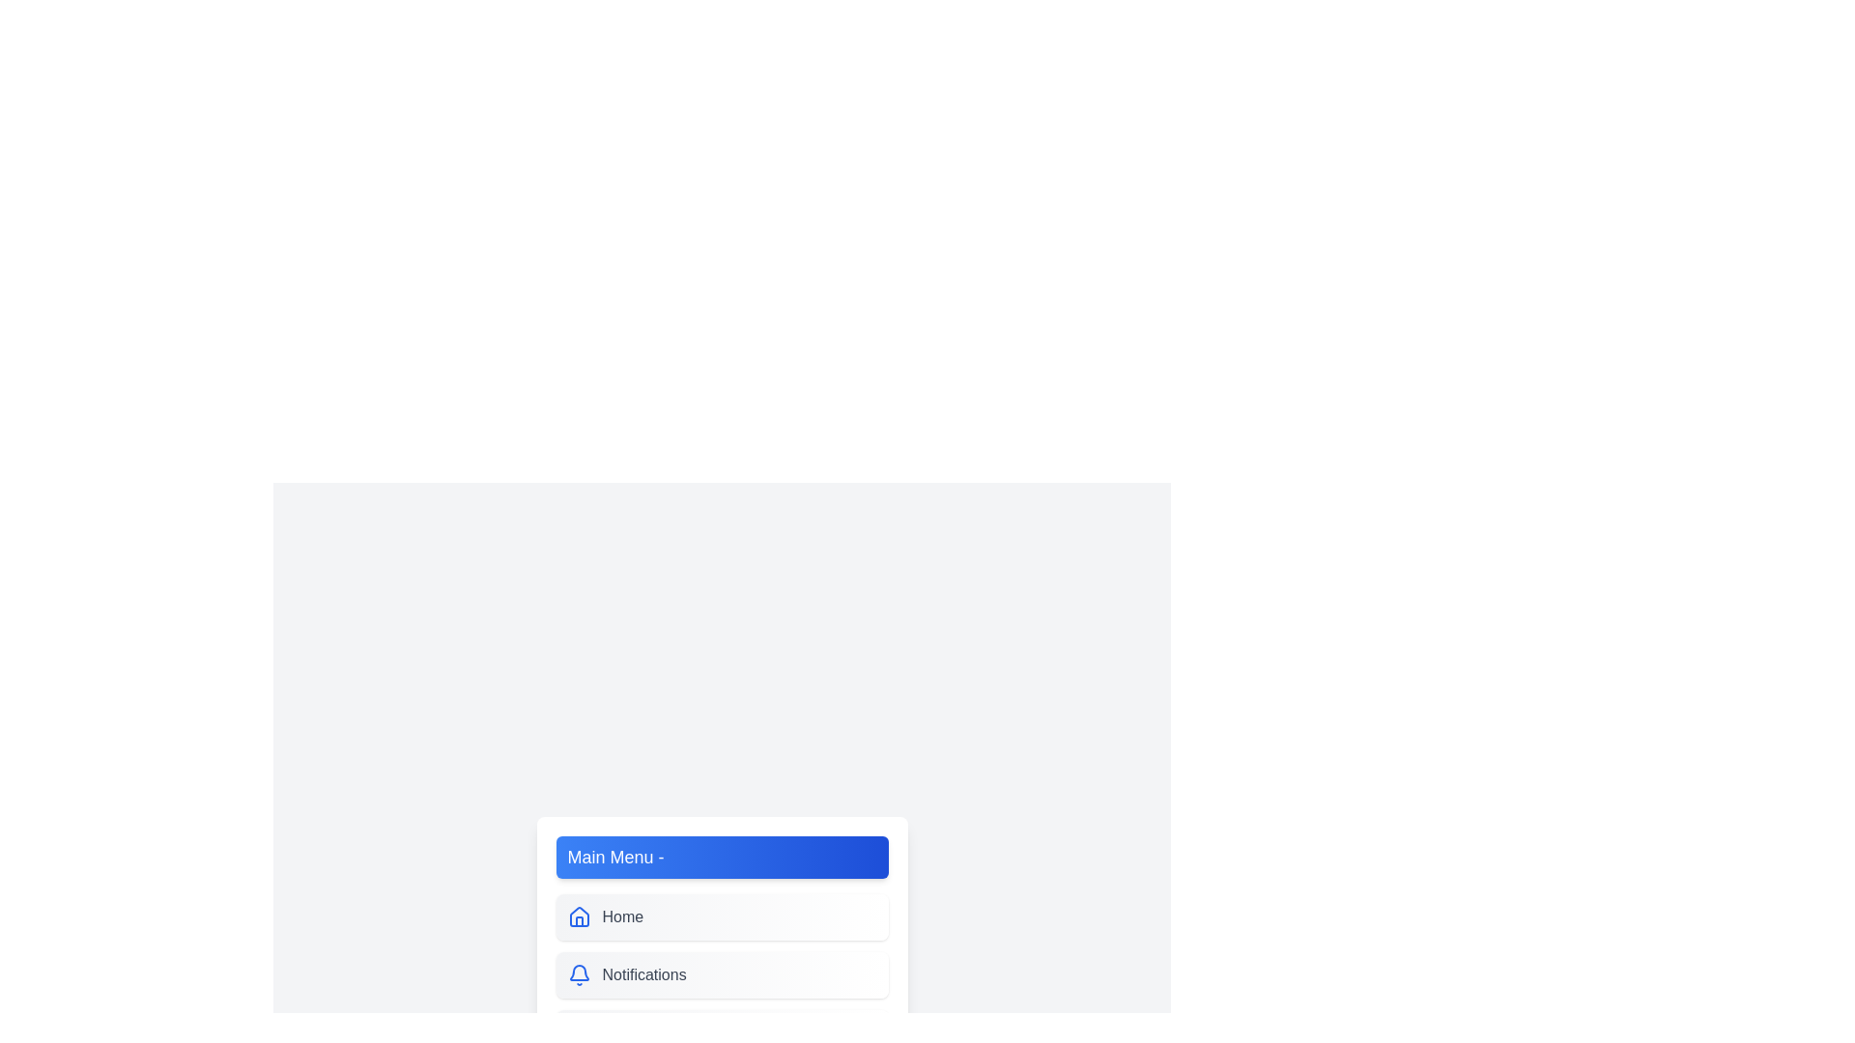 Image resolution: width=1855 pixels, height=1043 pixels. I want to click on the menu item labeled Home, so click(721, 916).